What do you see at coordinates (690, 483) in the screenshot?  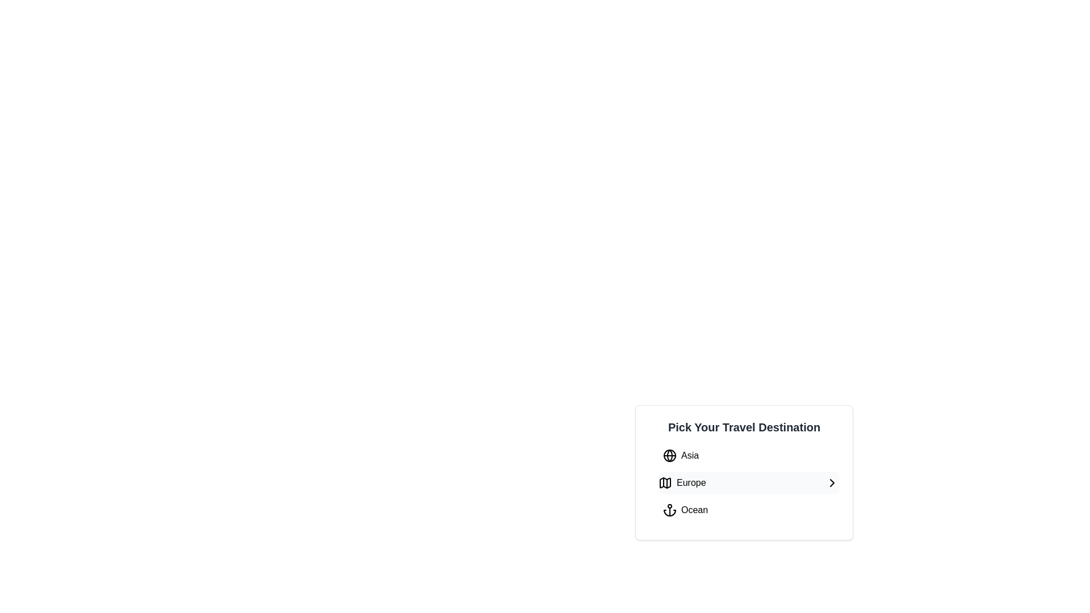 I see `the text label displaying 'Europe' in bold, black font` at bounding box center [690, 483].